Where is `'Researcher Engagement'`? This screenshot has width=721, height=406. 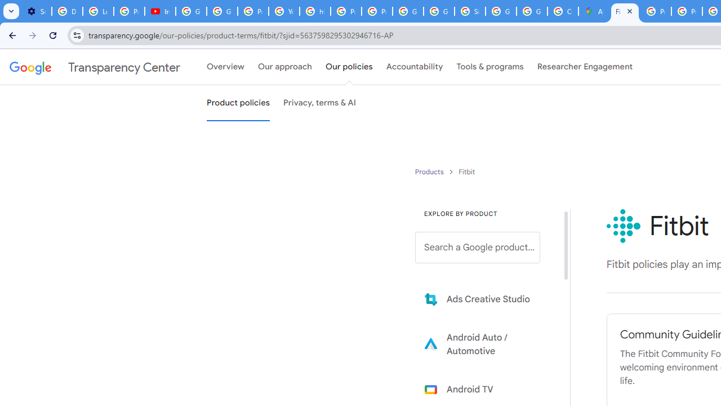 'Researcher Engagement' is located at coordinates (585, 67).